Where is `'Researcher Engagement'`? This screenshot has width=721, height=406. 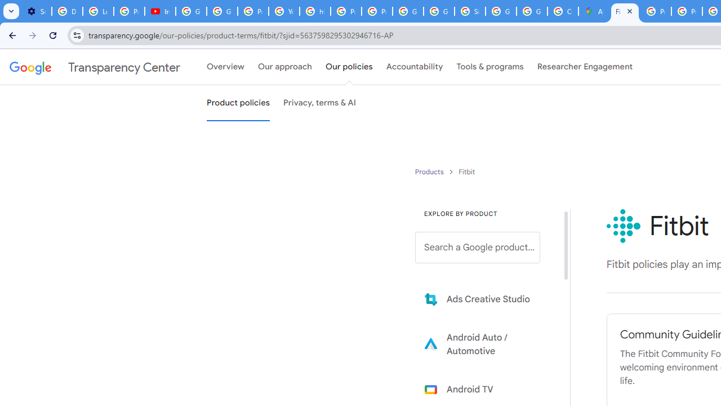 'Researcher Engagement' is located at coordinates (585, 67).